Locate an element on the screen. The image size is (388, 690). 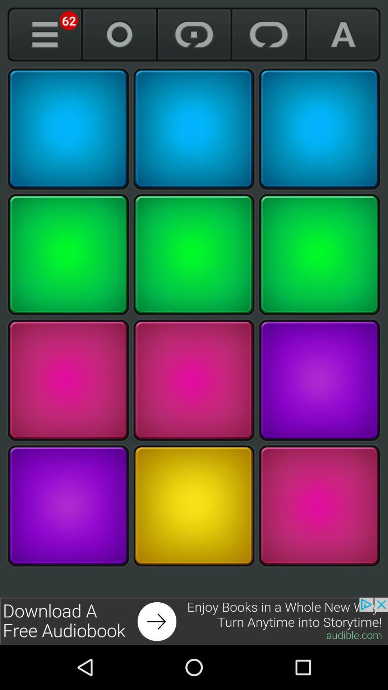
follow advertisement link is located at coordinates (194, 621).